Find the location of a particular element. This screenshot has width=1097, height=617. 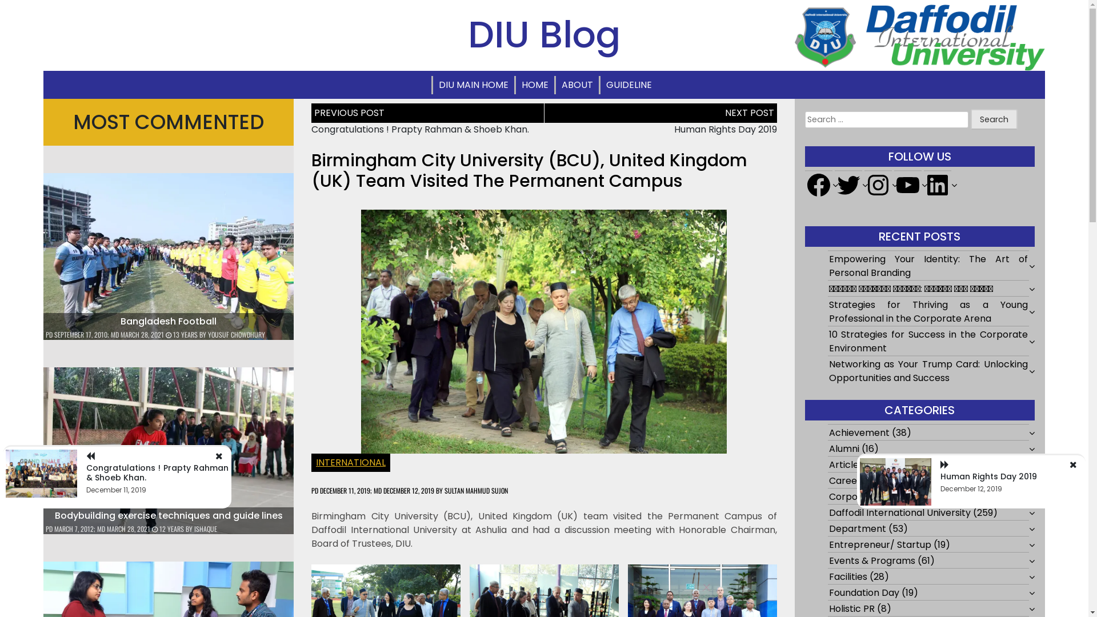

'12 YEARS' is located at coordinates (168, 528).